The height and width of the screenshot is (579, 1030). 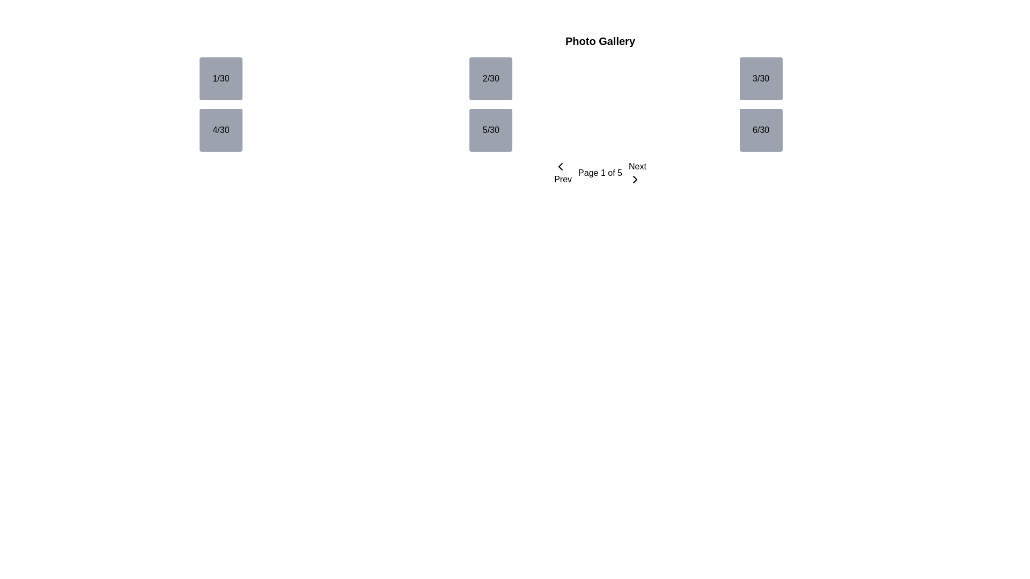 I want to click on the square-shaped box with a gray background and rounded corners that displays the text '5/30'. This element is located in the second row and second column of the grid layout, positioned below '2/30' and above '6/30', so click(x=490, y=130).